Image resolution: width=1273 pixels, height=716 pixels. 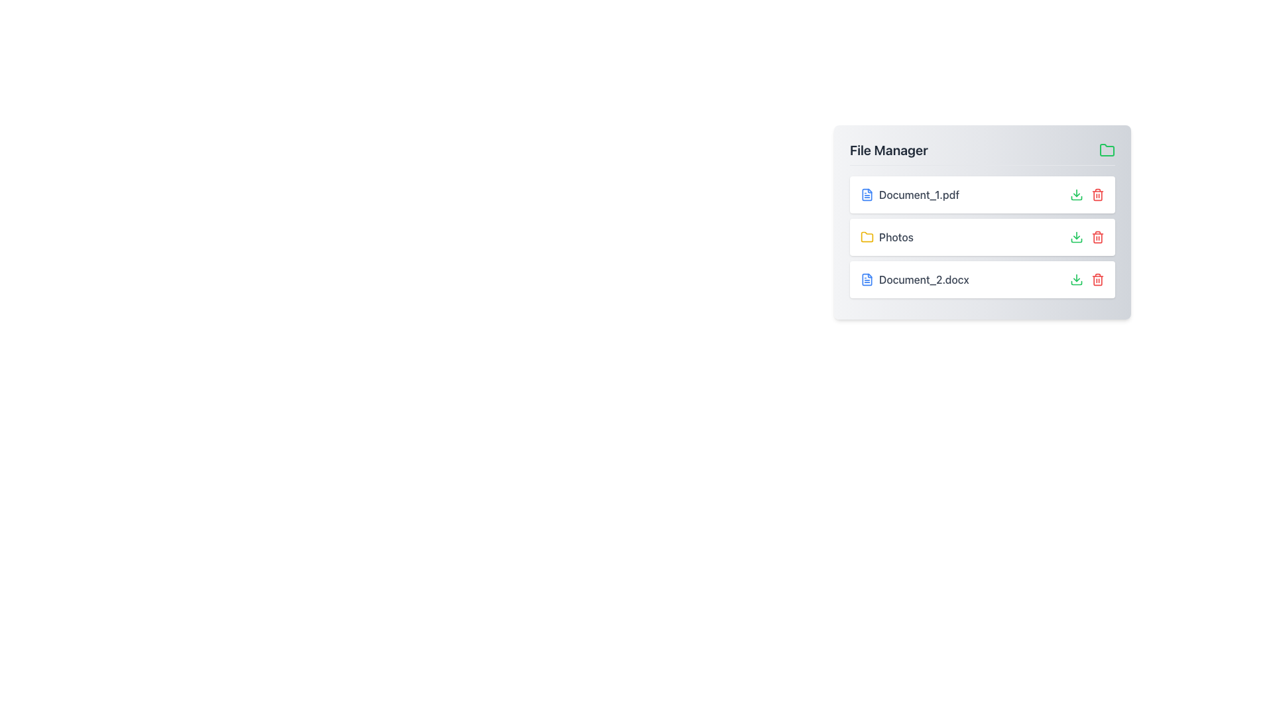 I want to click on the small yellow folder icon located in the 'File Manager' section, positioned to the left of the 'Photos' label, so click(x=867, y=237).